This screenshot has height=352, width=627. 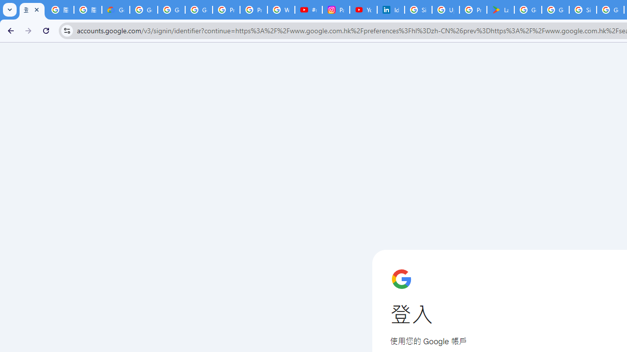 What do you see at coordinates (363, 10) in the screenshot?
I see `'YouTube Culture & Trends - On The Rise: Handcam Videos'` at bounding box center [363, 10].